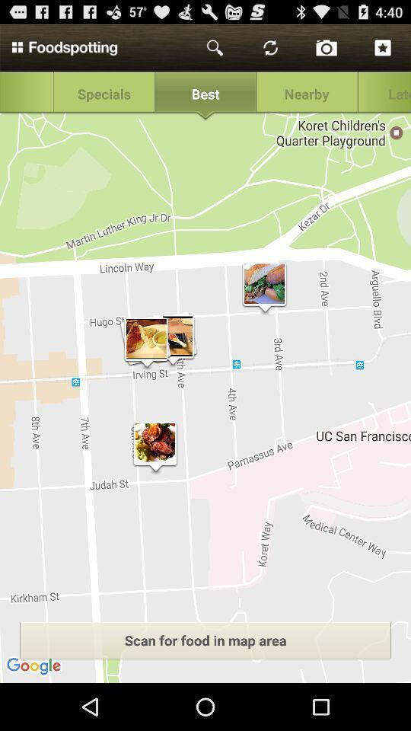 The image size is (411, 731). What do you see at coordinates (205, 94) in the screenshot?
I see `the button next to specials` at bounding box center [205, 94].